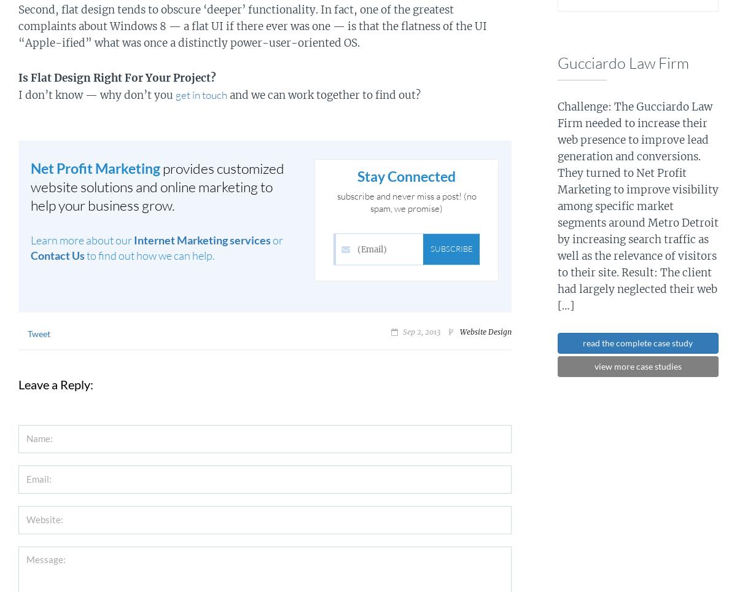 Image resolution: width=737 pixels, height=592 pixels. I want to click on 'Sep 2, 2013', so click(402, 331).